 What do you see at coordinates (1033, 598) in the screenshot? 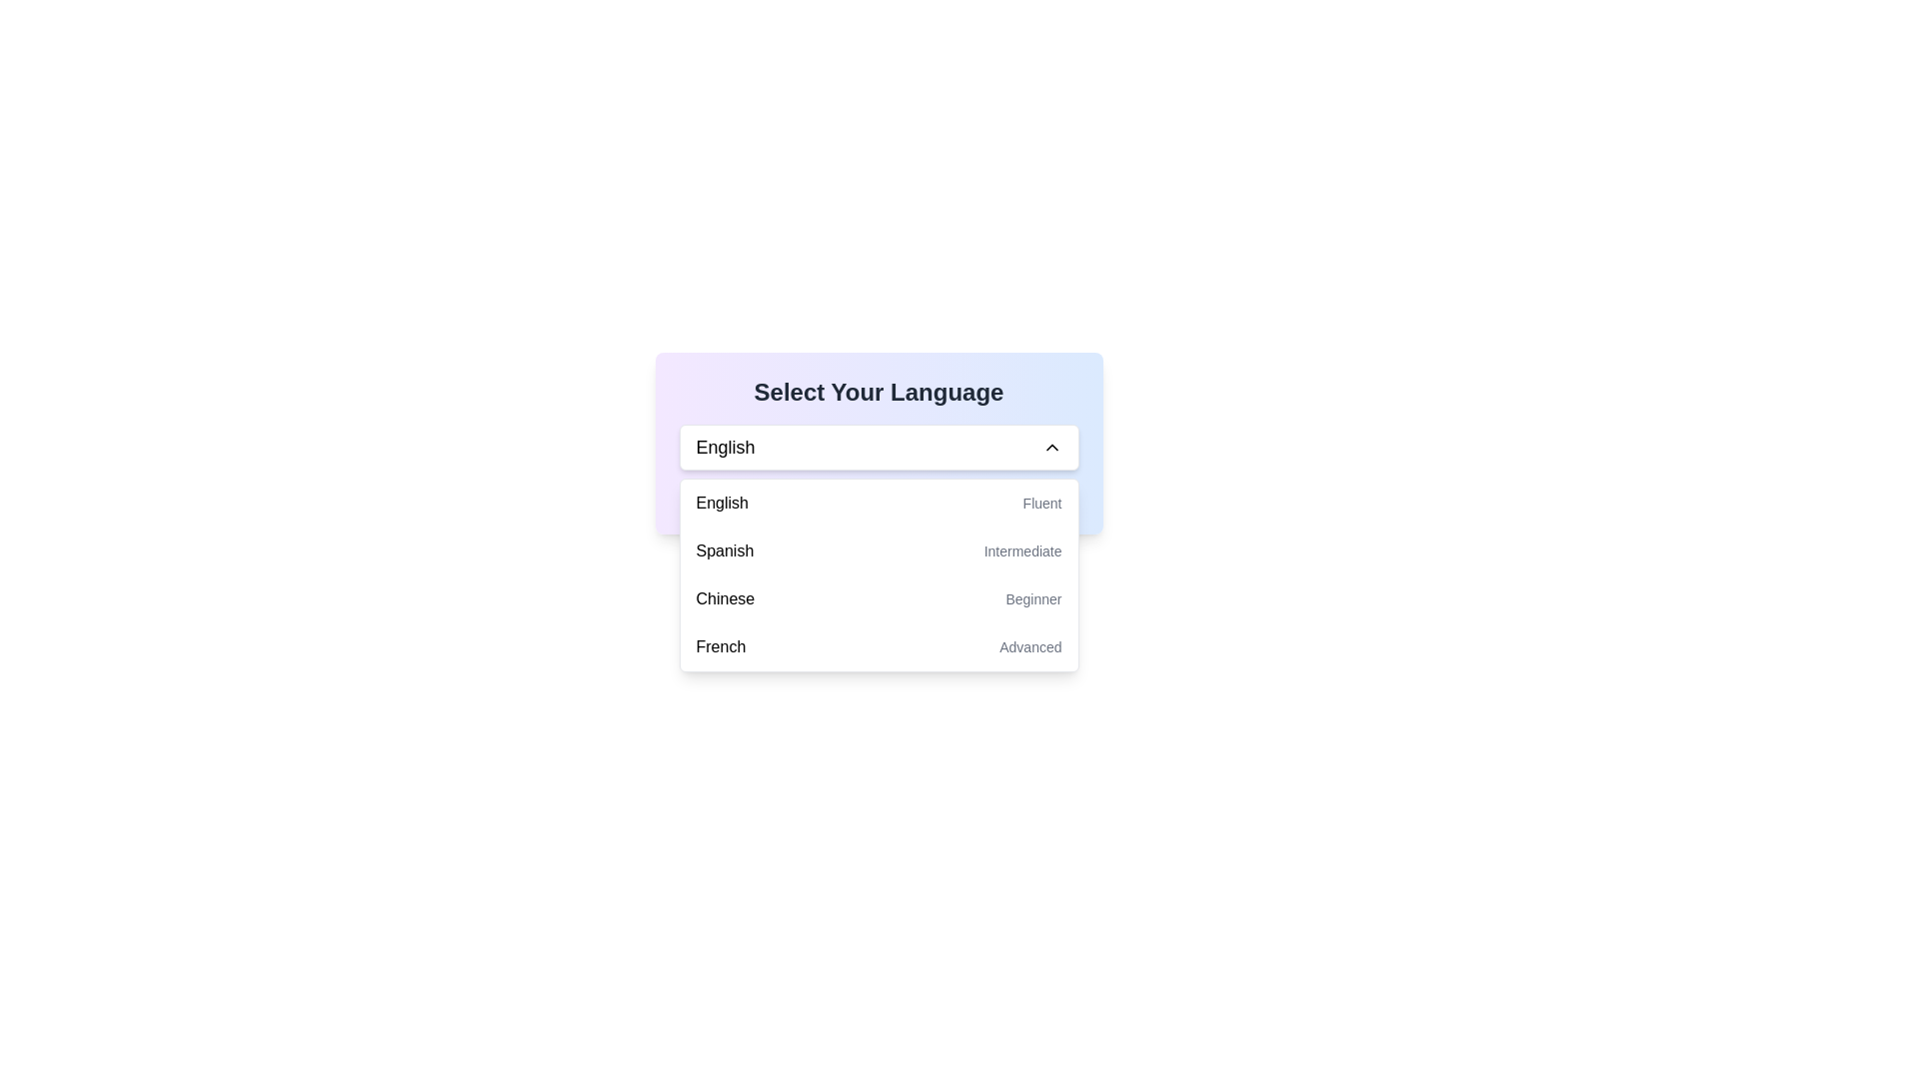
I see `the text element displaying 'Beginner' in a small, light gray font, located on the right side of the language selection dropdown for Chinese` at bounding box center [1033, 598].